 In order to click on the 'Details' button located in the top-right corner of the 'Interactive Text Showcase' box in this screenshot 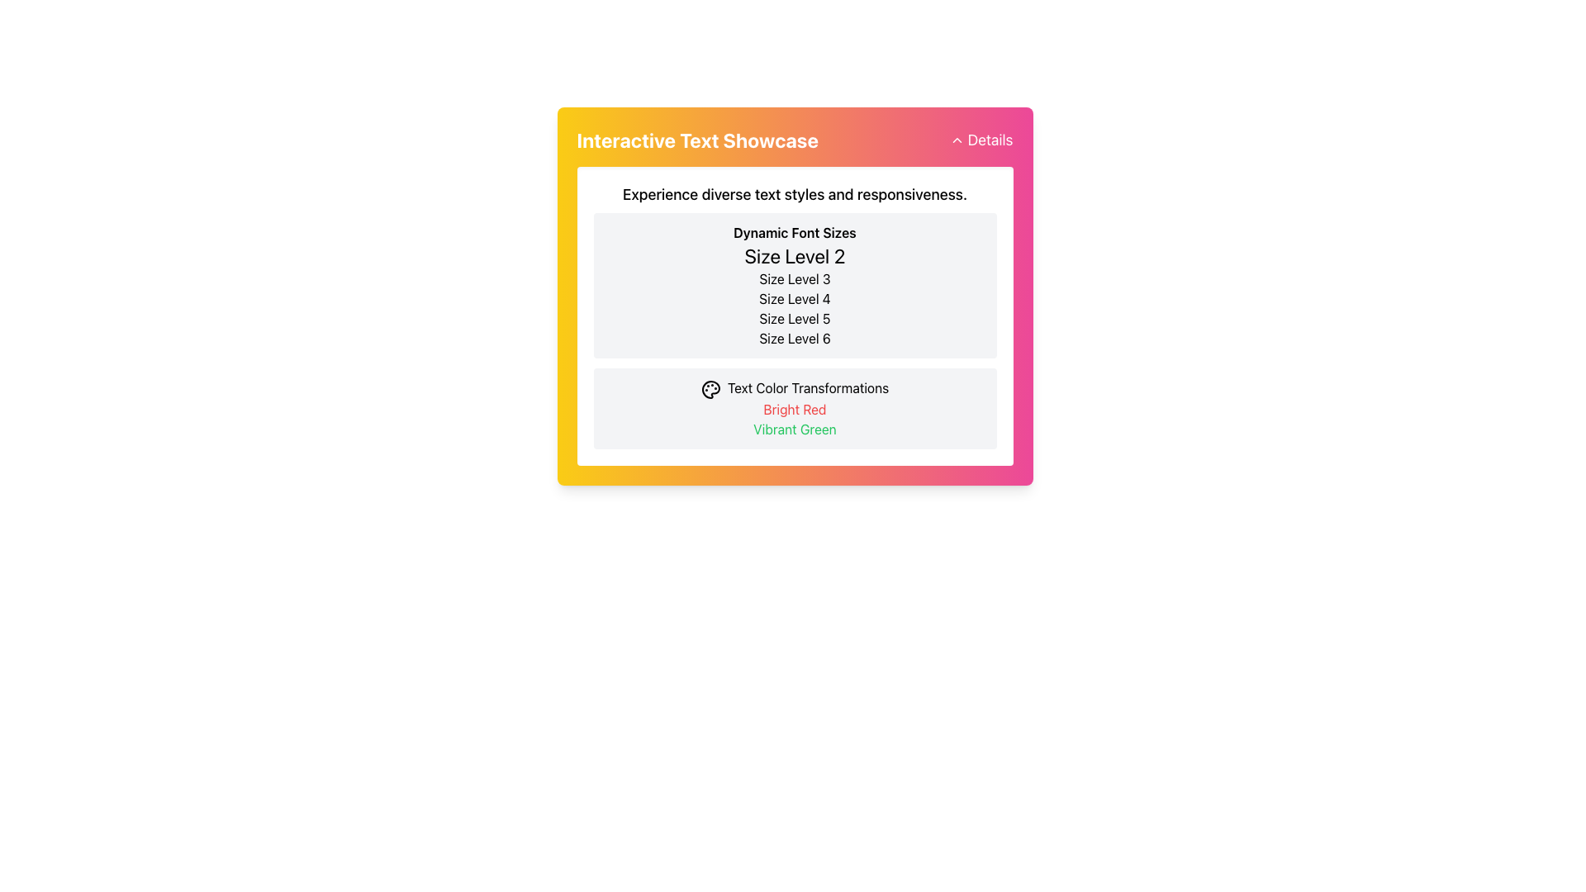, I will do `click(981, 139)`.